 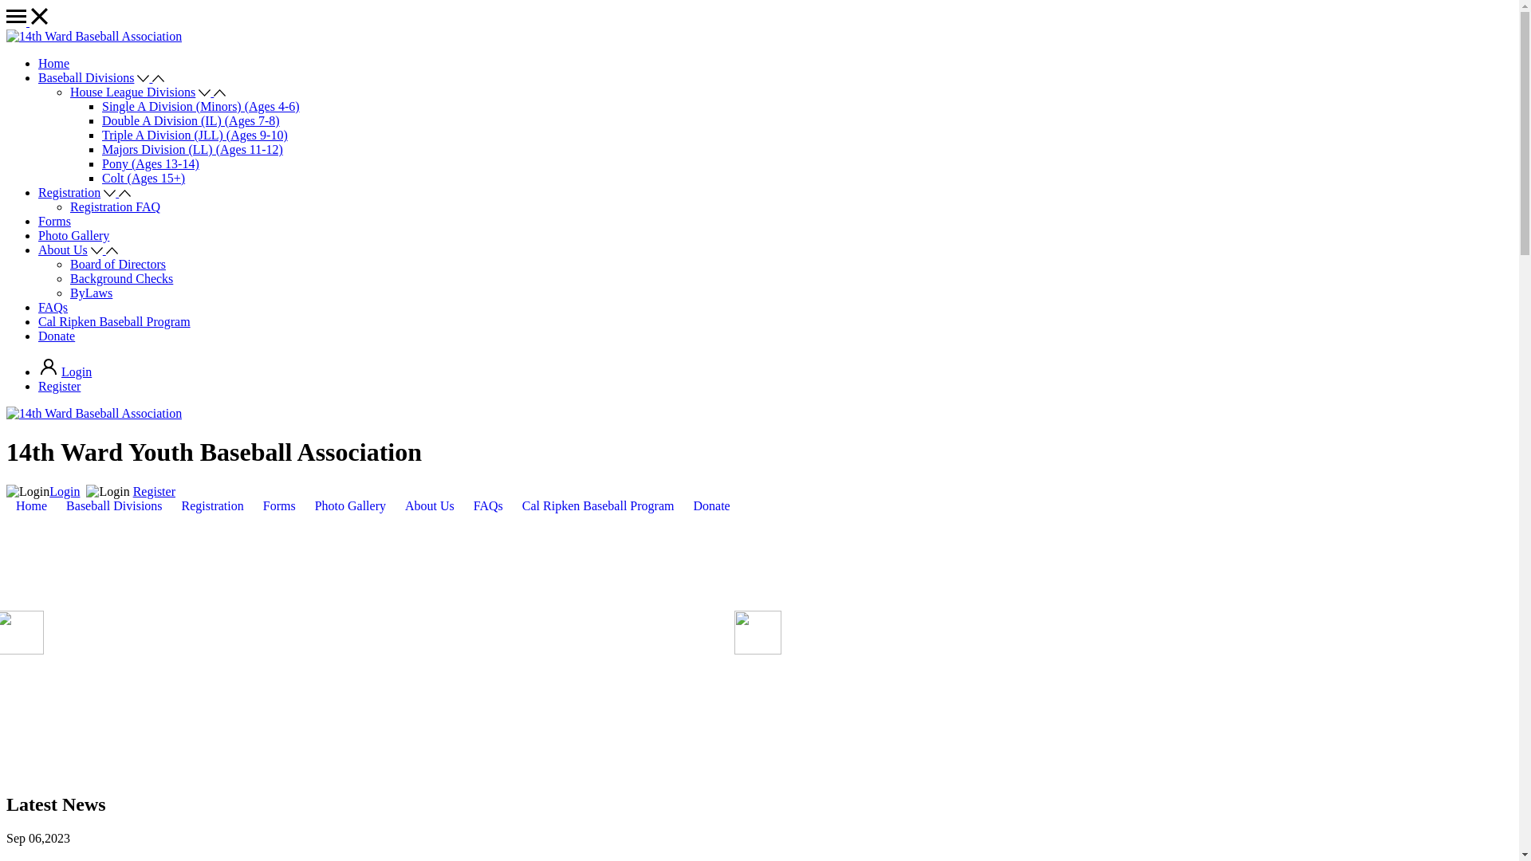 What do you see at coordinates (117, 263) in the screenshot?
I see `'Board of Directors'` at bounding box center [117, 263].